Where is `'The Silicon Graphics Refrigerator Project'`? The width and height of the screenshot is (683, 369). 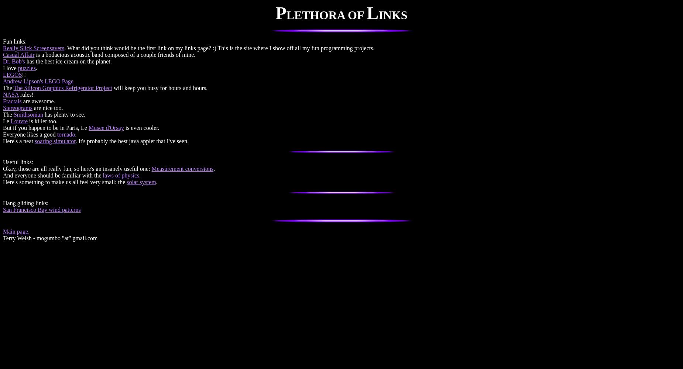
'The Silicon Graphics Refrigerator Project' is located at coordinates (62, 87).